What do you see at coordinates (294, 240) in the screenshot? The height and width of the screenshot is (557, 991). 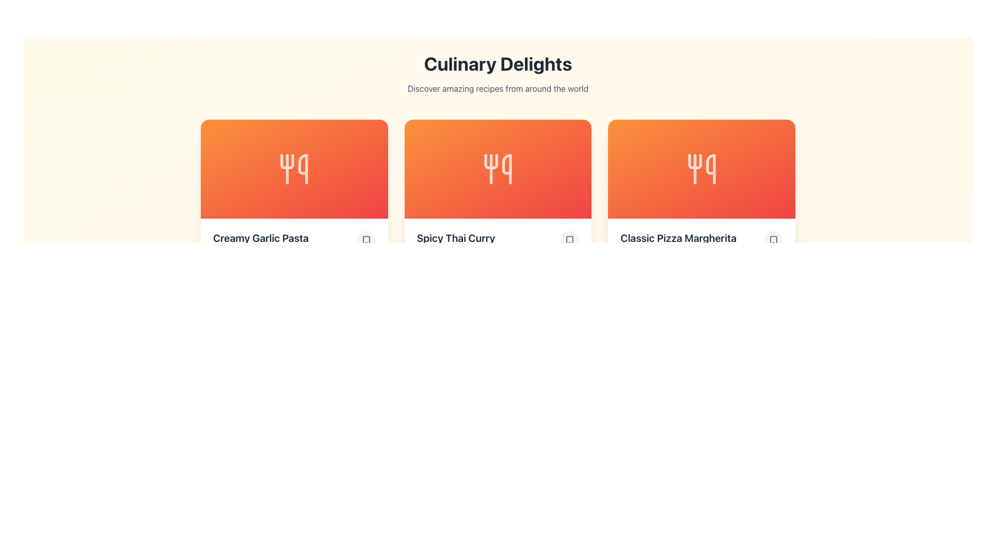 I see `the 'Creamy Garlic Pasta' text in bold, dark-grey` at bounding box center [294, 240].